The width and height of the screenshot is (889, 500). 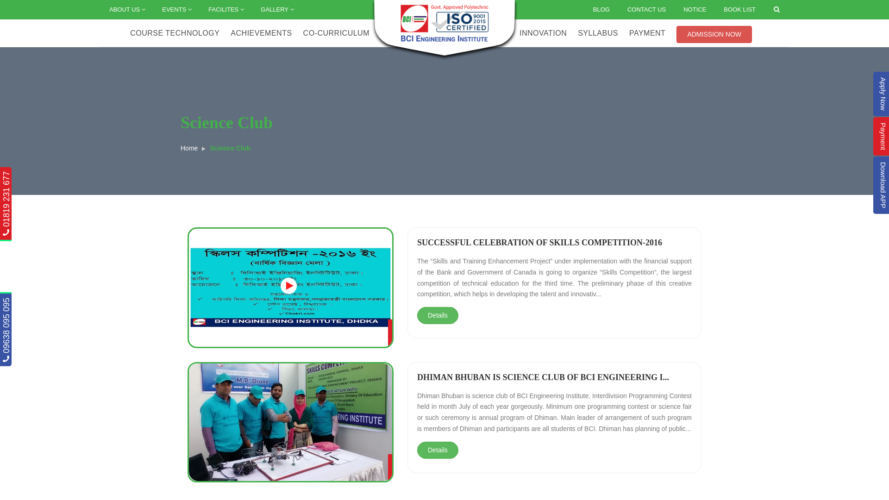 I want to click on 'INNOVATION', so click(x=543, y=34).